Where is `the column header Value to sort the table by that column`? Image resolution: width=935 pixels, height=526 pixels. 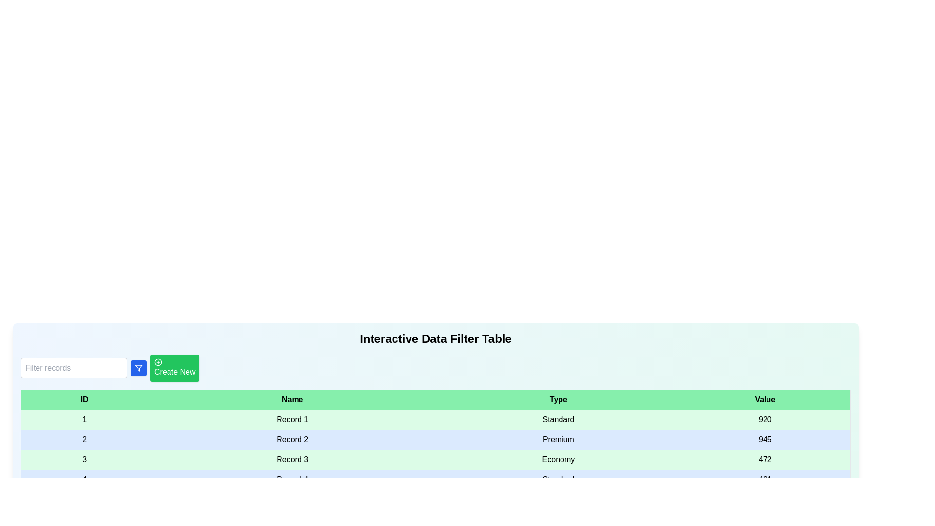 the column header Value to sort the table by that column is located at coordinates (765, 400).